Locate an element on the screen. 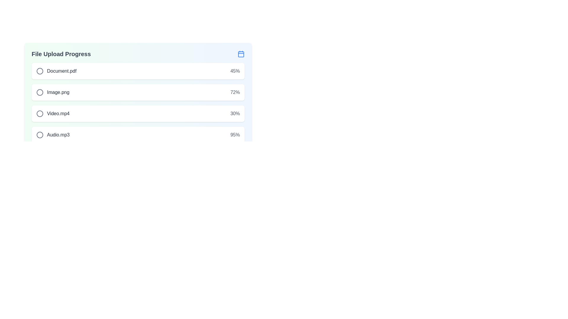 Image resolution: width=568 pixels, height=319 pixels. the text label displaying 'Video.mp4' which is the third item in a vertical list of progress rows, positioned alongside a circular graphic icon is located at coordinates (58, 114).